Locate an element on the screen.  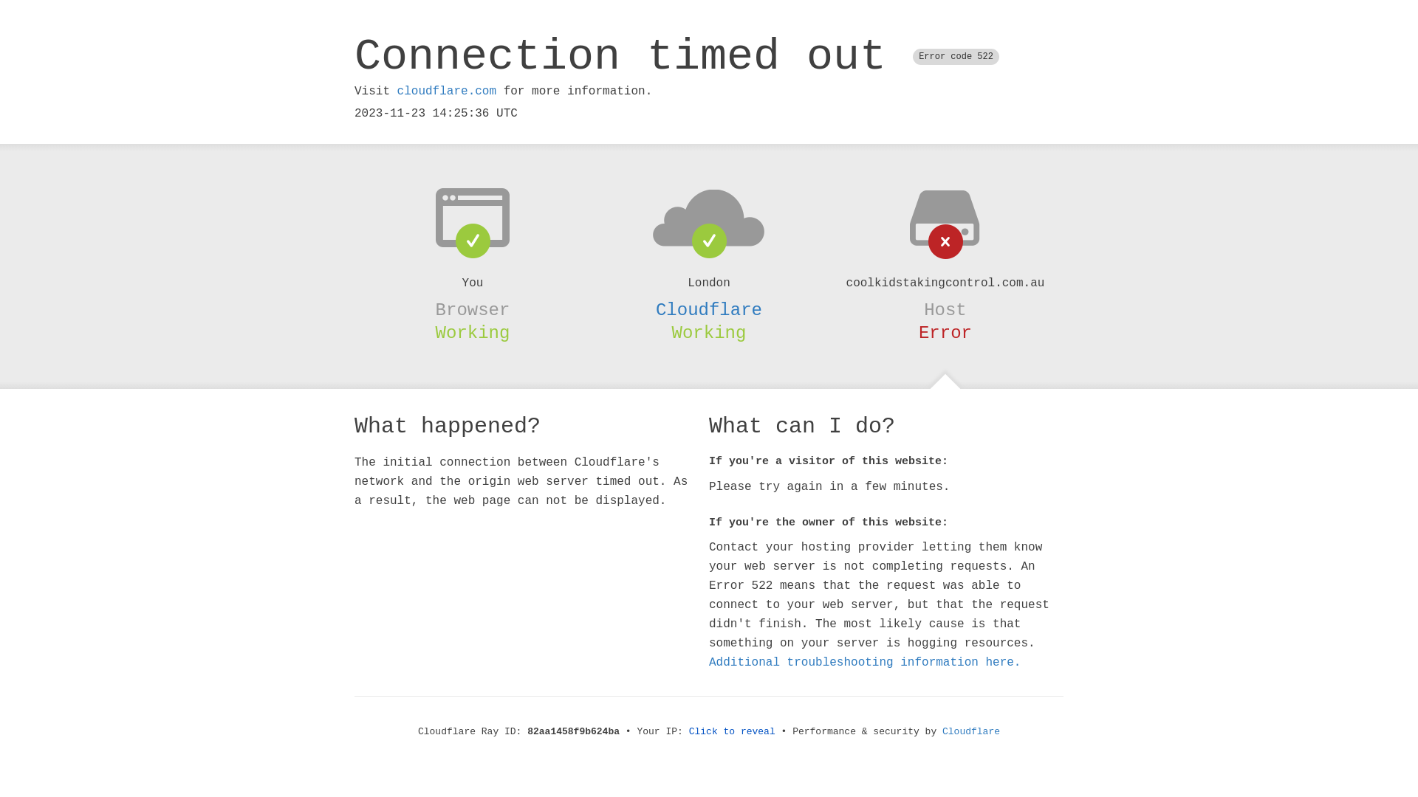
'Additional troubleshooting information here.' is located at coordinates (865, 662).